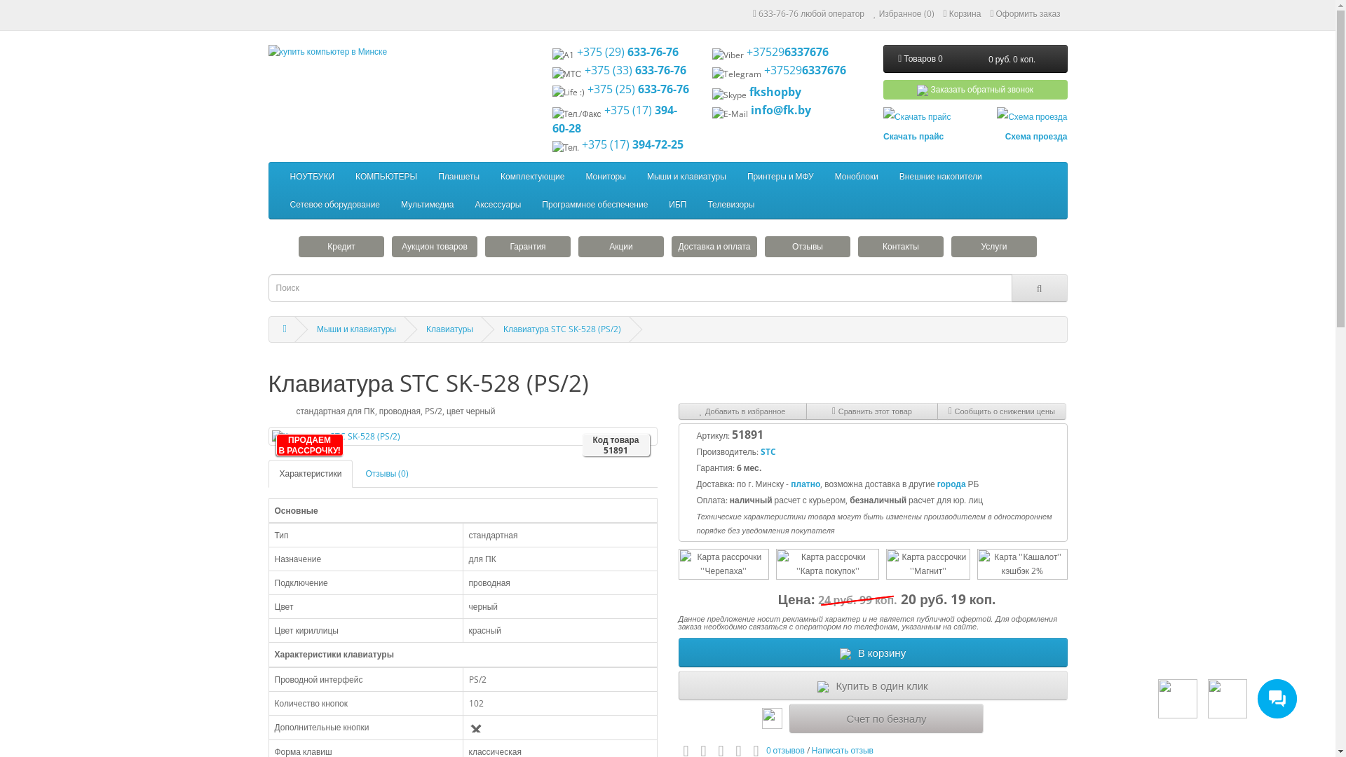 Image resolution: width=1346 pixels, height=757 pixels. What do you see at coordinates (805, 70) in the screenshot?
I see `'+375296337676'` at bounding box center [805, 70].